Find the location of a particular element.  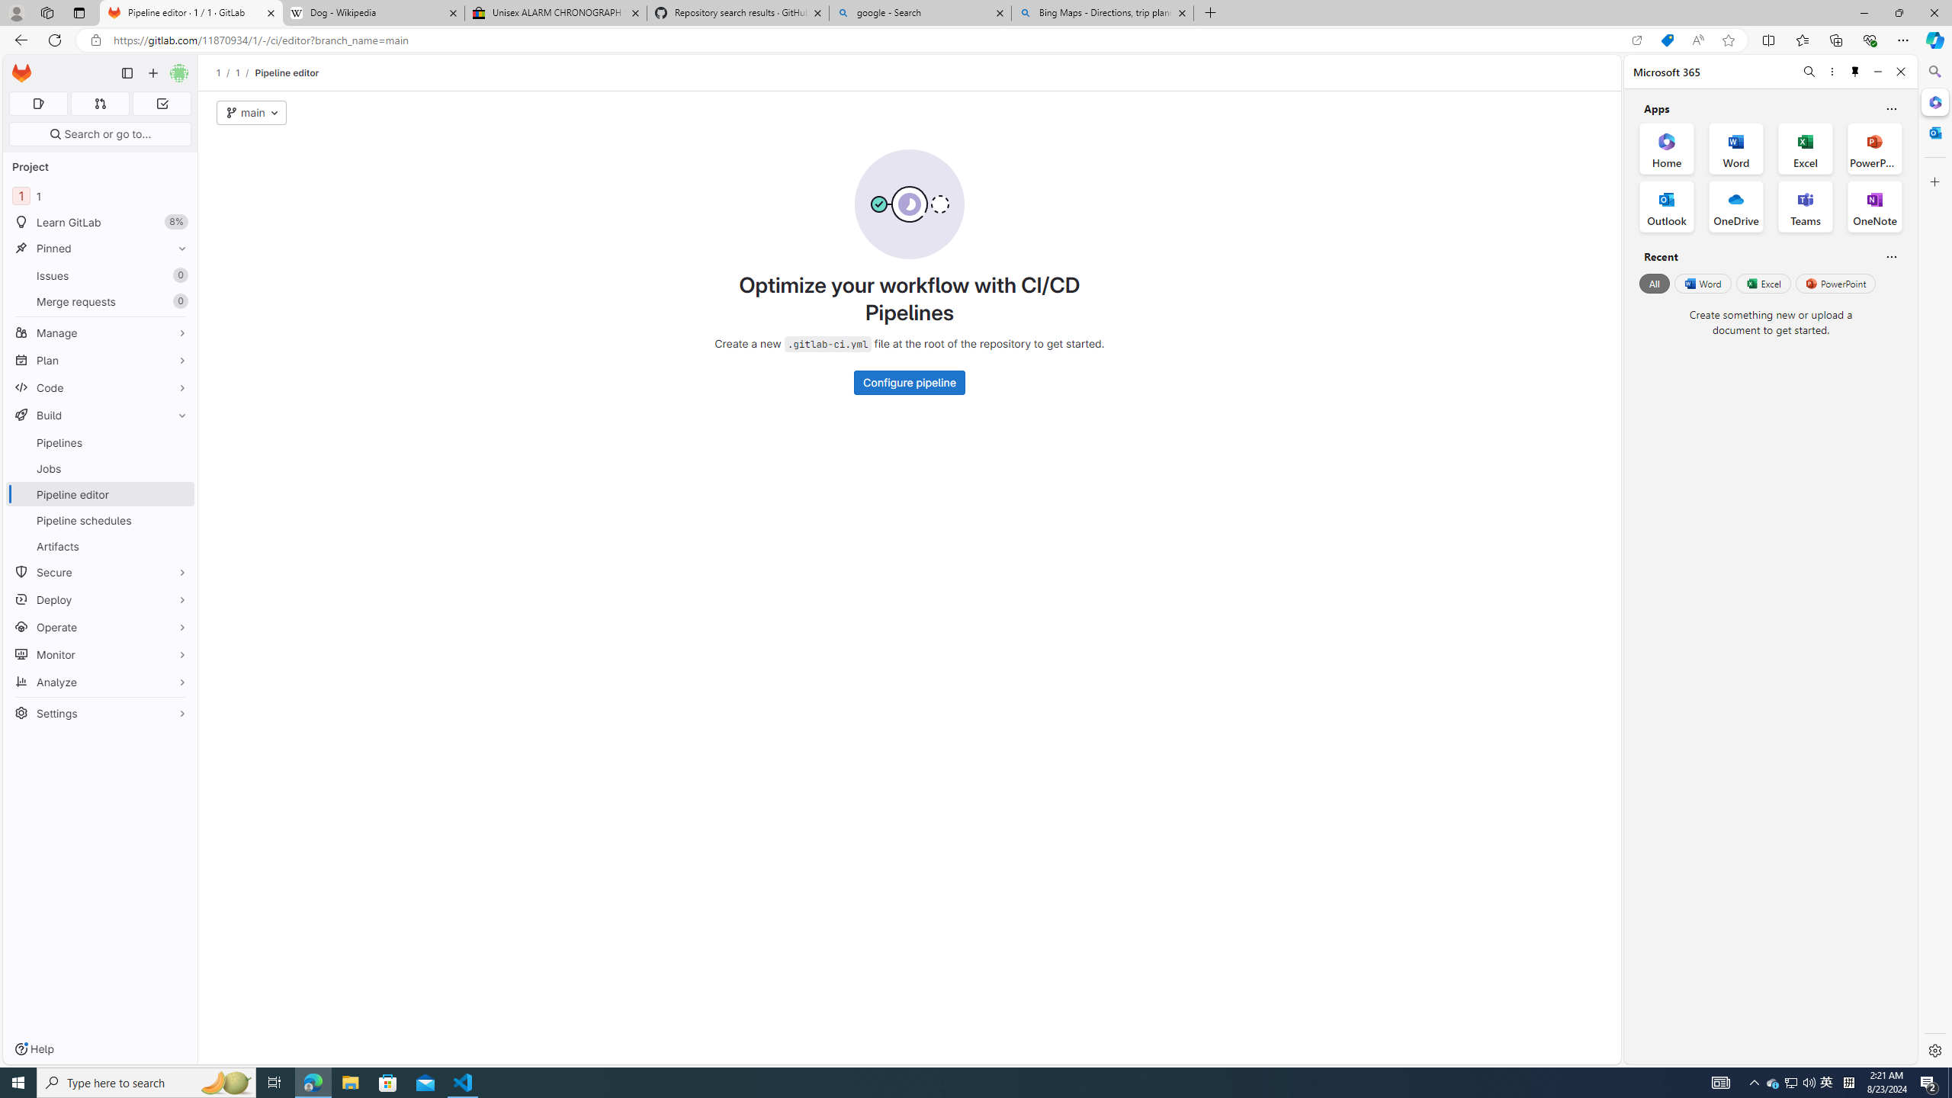

'Configure pipeline' is located at coordinates (910, 382).